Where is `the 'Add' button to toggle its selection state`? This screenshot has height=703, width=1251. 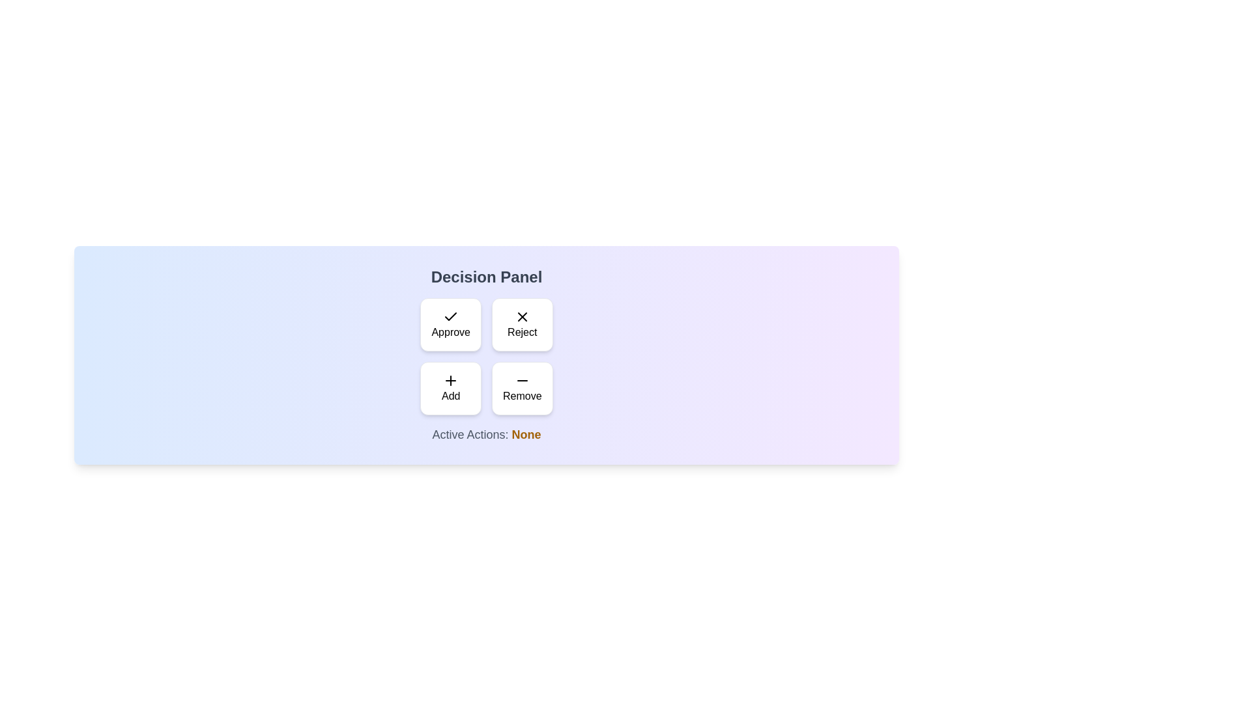
the 'Add' button to toggle its selection state is located at coordinates (450, 388).